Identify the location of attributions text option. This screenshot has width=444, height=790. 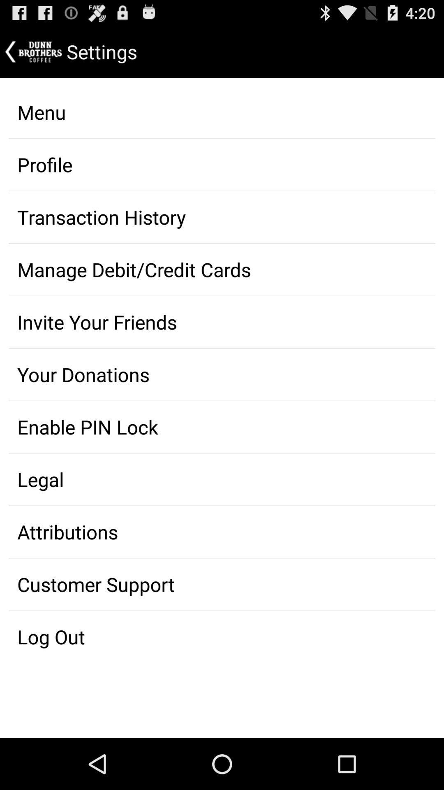
(222, 532).